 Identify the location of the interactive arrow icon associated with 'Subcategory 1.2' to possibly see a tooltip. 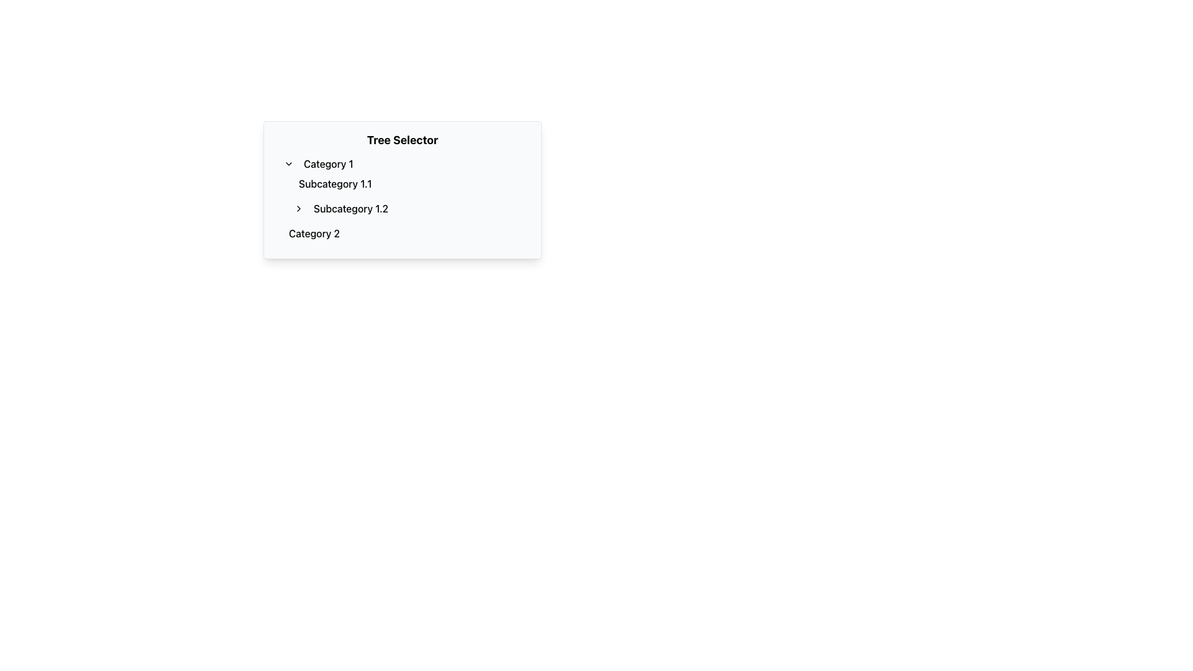
(298, 208).